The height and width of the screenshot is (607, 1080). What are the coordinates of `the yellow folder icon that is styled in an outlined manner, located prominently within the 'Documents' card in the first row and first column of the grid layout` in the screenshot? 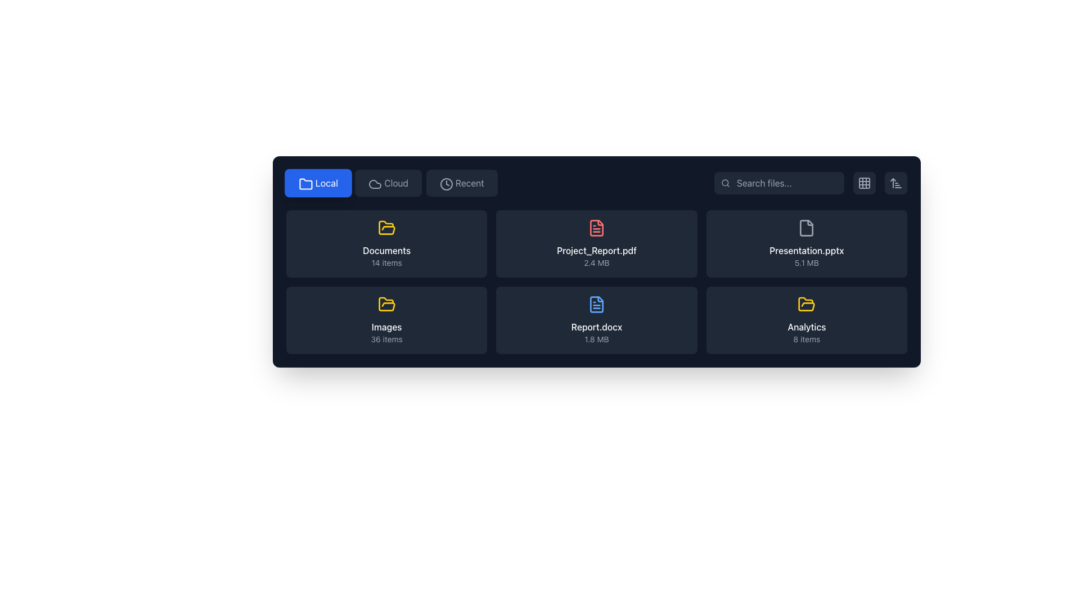 It's located at (386, 228).